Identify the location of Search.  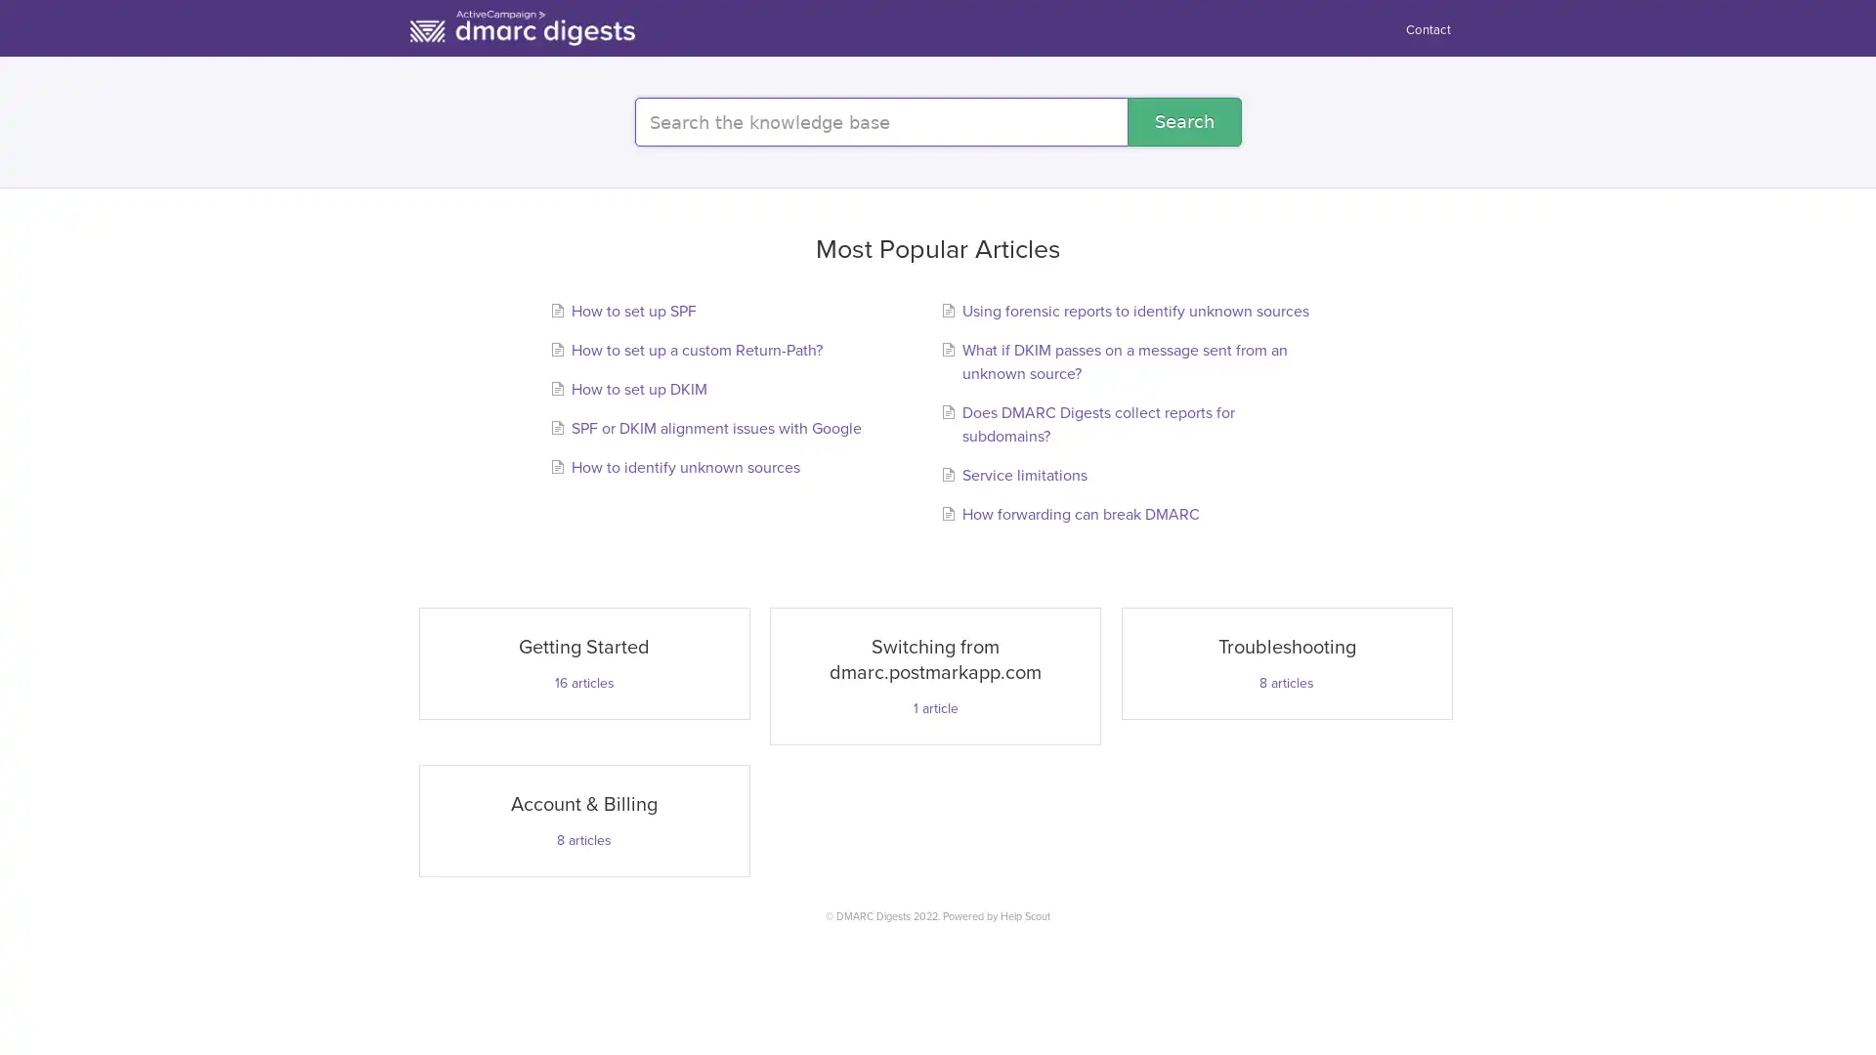
(1183, 121).